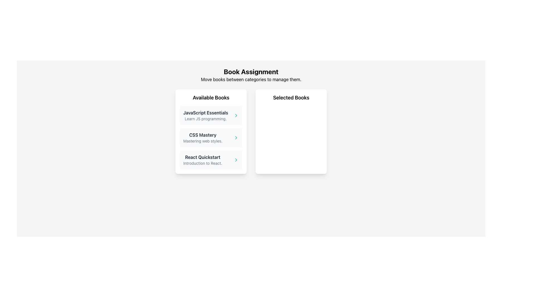  Describe the element at coordinates (236, 160) in the screenshot. I see `the navigation button located at the rightmost edge of the 'React Quickstart' card in the 'Available Books' list` at that location.